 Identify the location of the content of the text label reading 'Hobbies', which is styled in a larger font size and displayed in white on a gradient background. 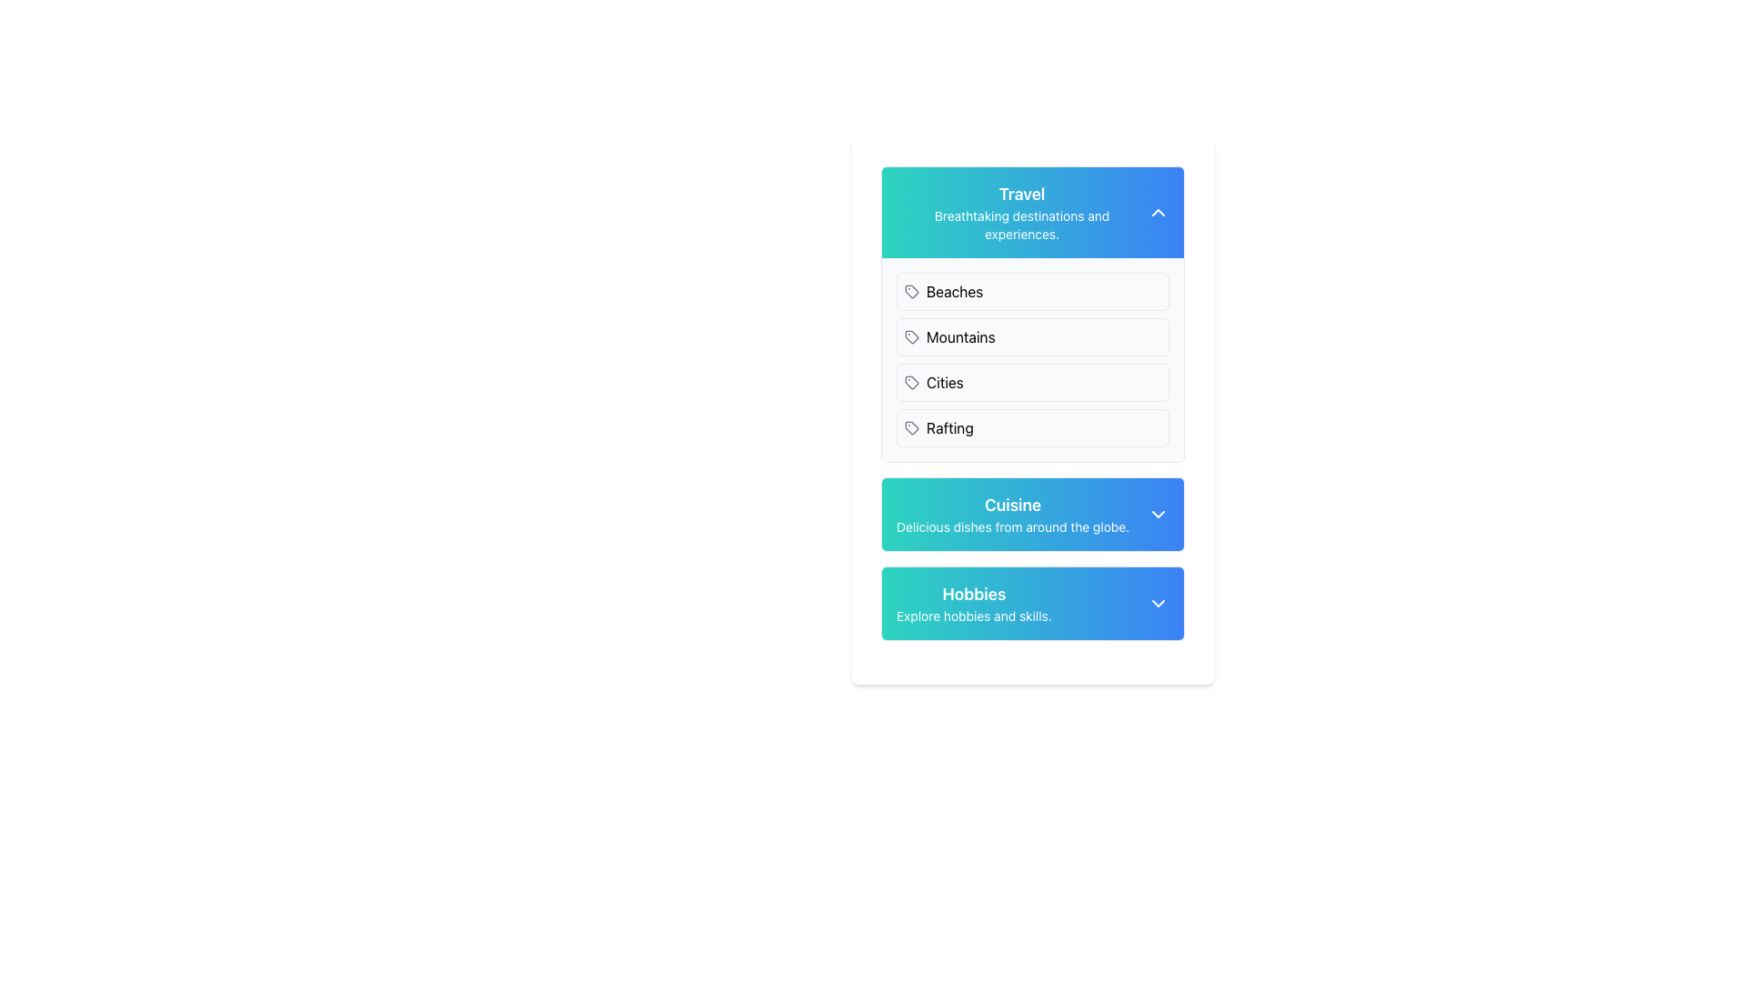
(973, 595).